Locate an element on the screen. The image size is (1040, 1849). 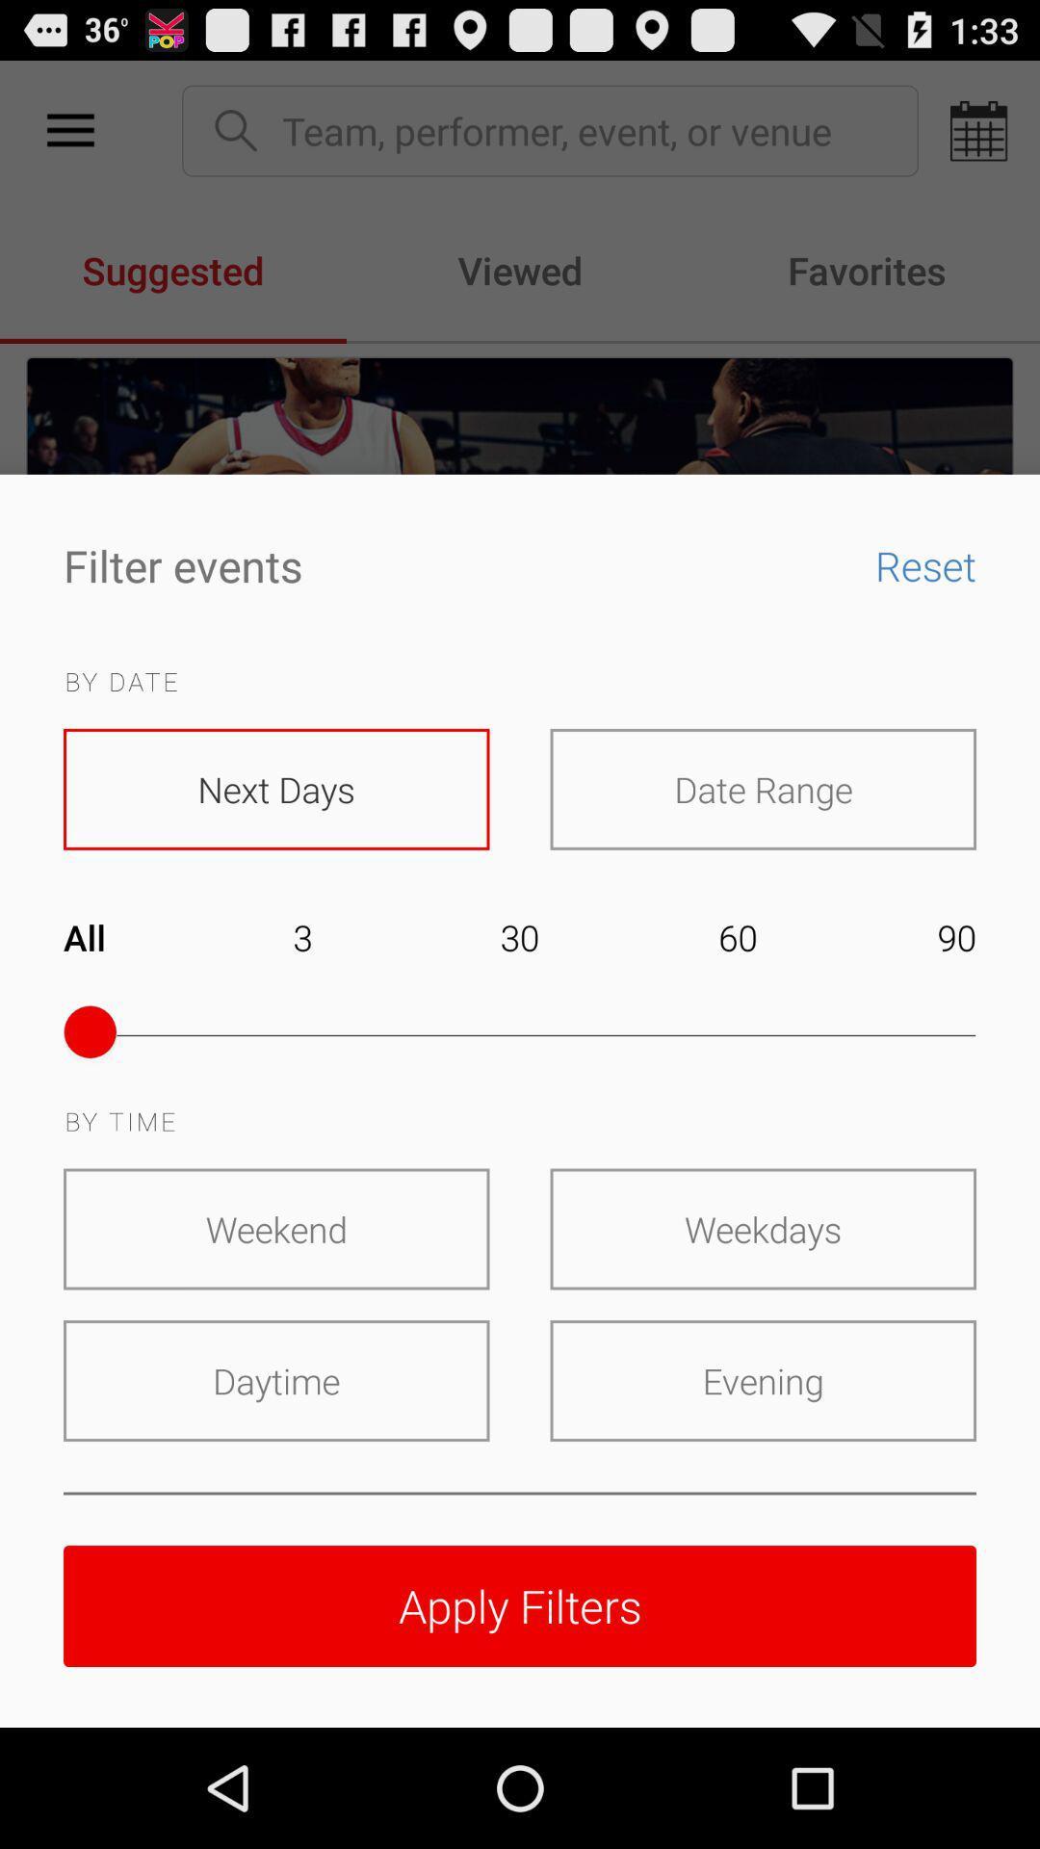
icon next to the evening is located at coordinates (276, 1380).